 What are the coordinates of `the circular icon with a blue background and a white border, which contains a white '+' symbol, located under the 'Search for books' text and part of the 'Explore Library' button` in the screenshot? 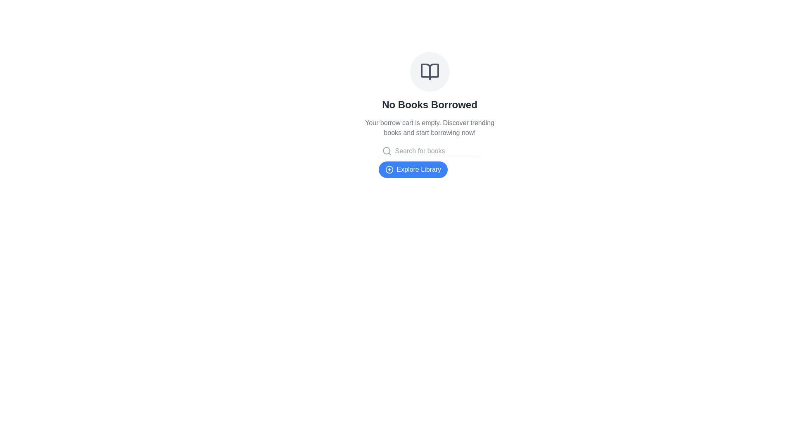 It's located at (389, 169).